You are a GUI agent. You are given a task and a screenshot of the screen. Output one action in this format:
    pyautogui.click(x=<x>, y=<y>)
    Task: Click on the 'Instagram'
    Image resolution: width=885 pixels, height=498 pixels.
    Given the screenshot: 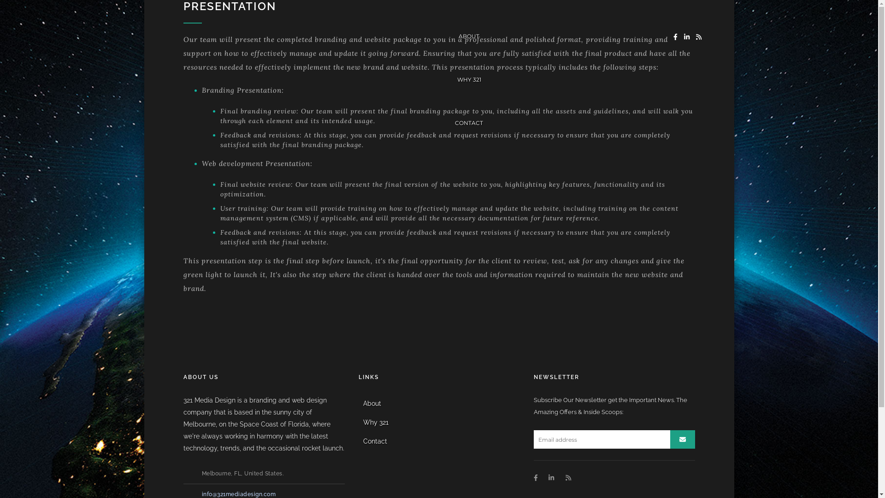 What is the action you would take?
    pyautogui.click(x=551, y=477)
    